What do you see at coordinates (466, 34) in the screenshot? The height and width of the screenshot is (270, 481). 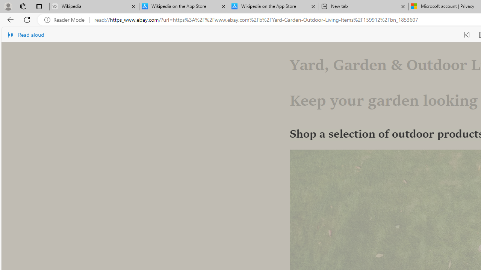 I see `'Read previous paragraph'` at bounding box center [466, 34].